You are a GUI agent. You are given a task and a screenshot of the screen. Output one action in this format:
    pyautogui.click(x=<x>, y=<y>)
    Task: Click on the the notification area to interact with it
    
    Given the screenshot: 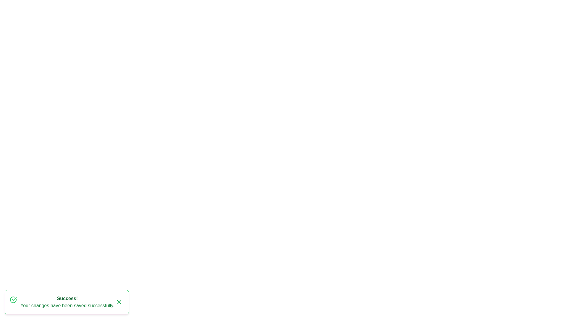 What is the action you would take?
    pyautogui.click(x=67, y=302)
    